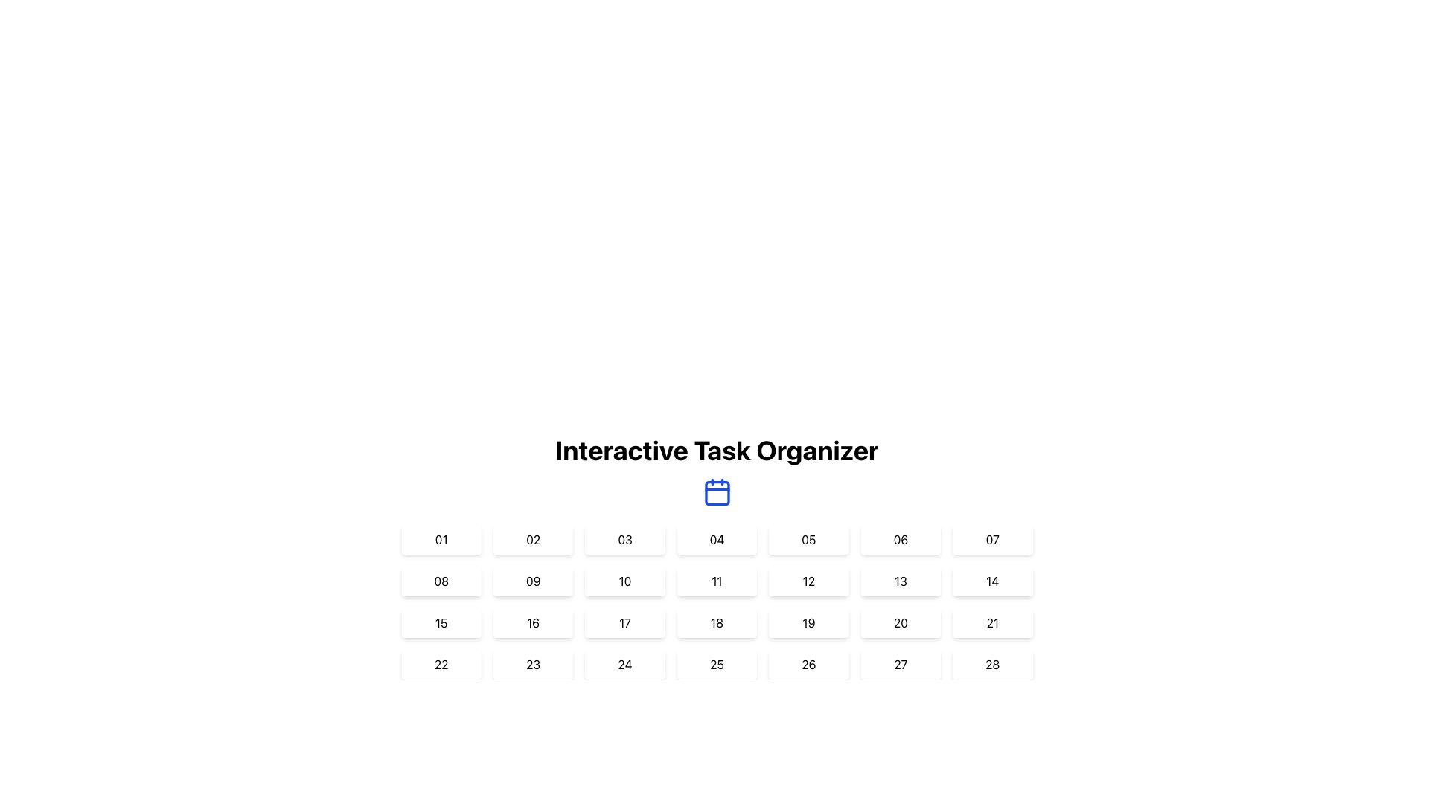 This screenshot has height=803, width=1429. What do you see at coordinates (808, 664) in the screenshot?
I see `the selectable date button located in the fifth row and fifth column of the grid layout` at bounding box center [808, 664].